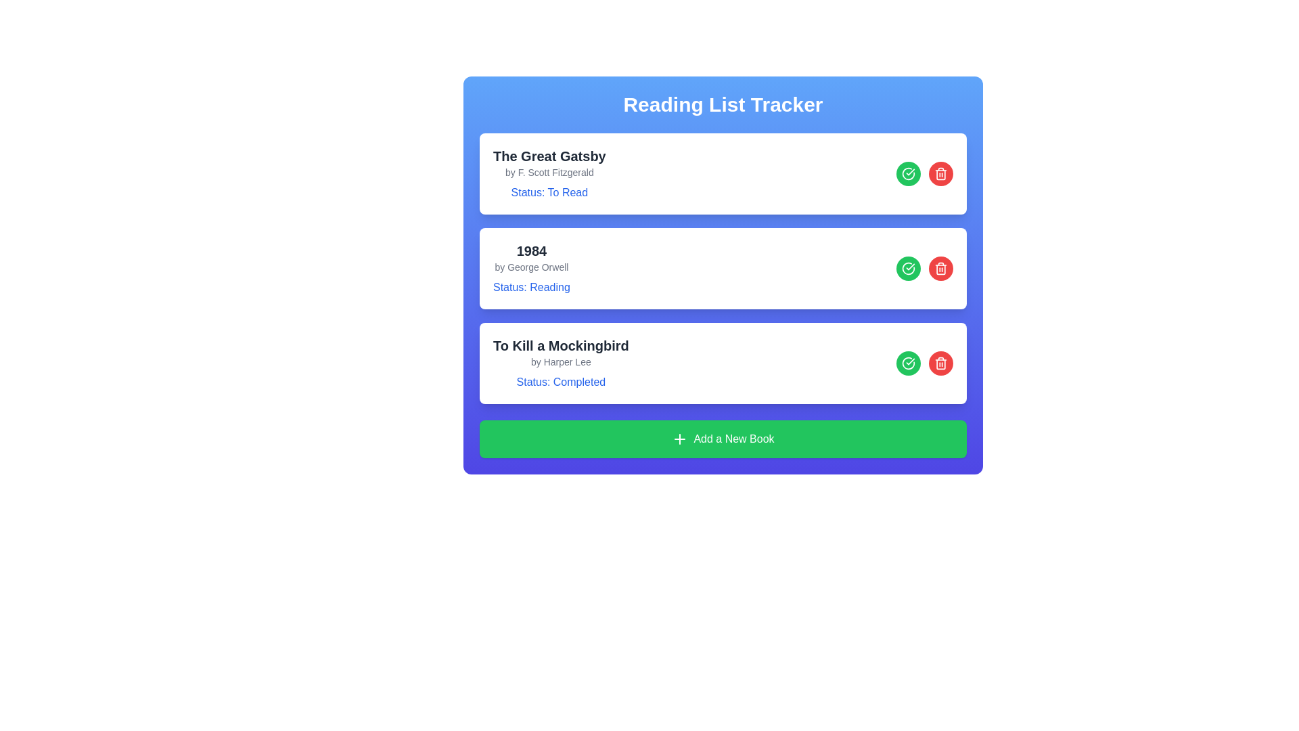 This screenshot has height=731, width=1299. What do you see at coordinates (909, 173) in the screenshot?
I see `the second green circular icon with a white checkmark, located in the middle entry of a three-item list, to the right of the '1984' entry by George Orwell` at bounding box center [909, 173].